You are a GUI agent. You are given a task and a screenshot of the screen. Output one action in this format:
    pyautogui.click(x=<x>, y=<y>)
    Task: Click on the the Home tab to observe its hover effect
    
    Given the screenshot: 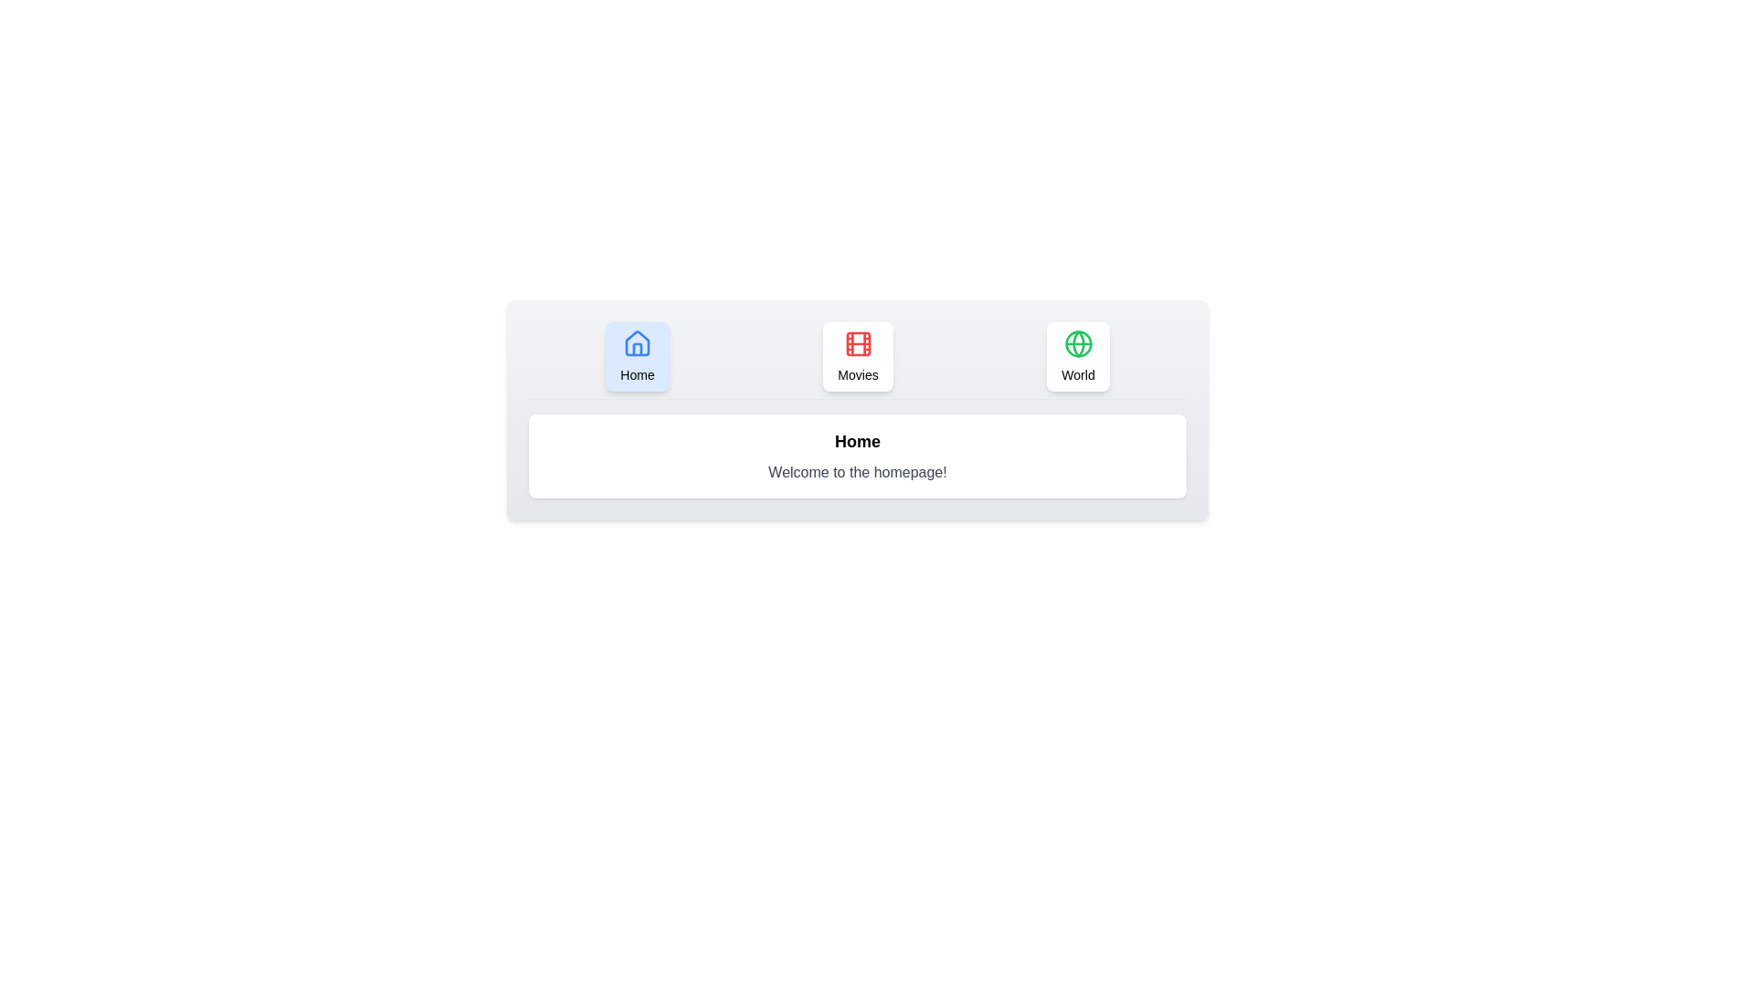 What is the action you would take?
    pyautogui.click(x=637, y=356)
    